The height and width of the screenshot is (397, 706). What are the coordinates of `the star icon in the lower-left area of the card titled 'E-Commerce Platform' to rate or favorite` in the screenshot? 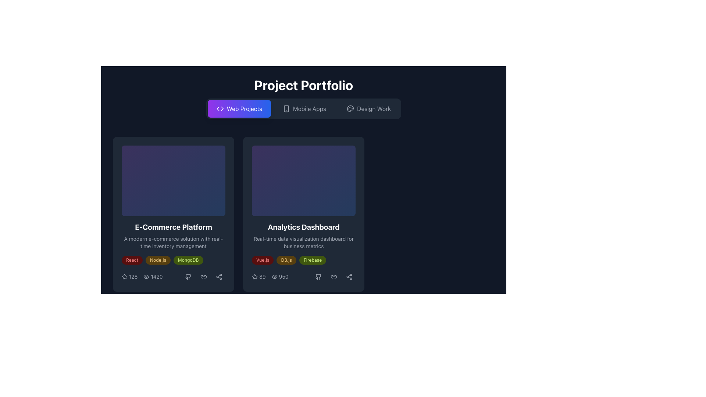 It's located at (129, 276).